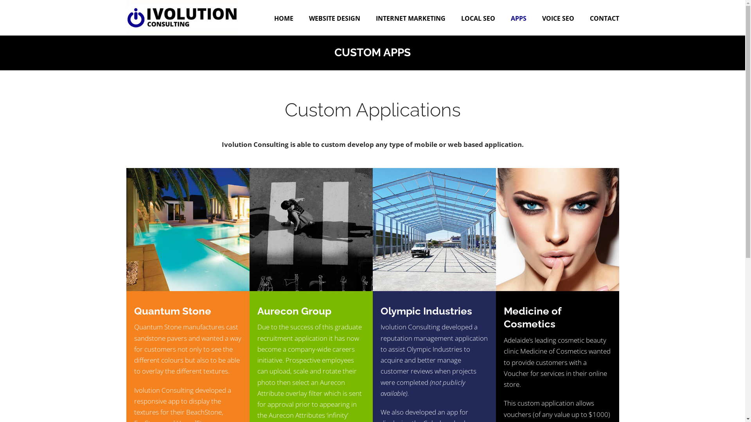 This screenshot has width=751, height=422. Describe the element at coordinates (604, 18) in the screenshot. I see `'CONTACT'` at that location.